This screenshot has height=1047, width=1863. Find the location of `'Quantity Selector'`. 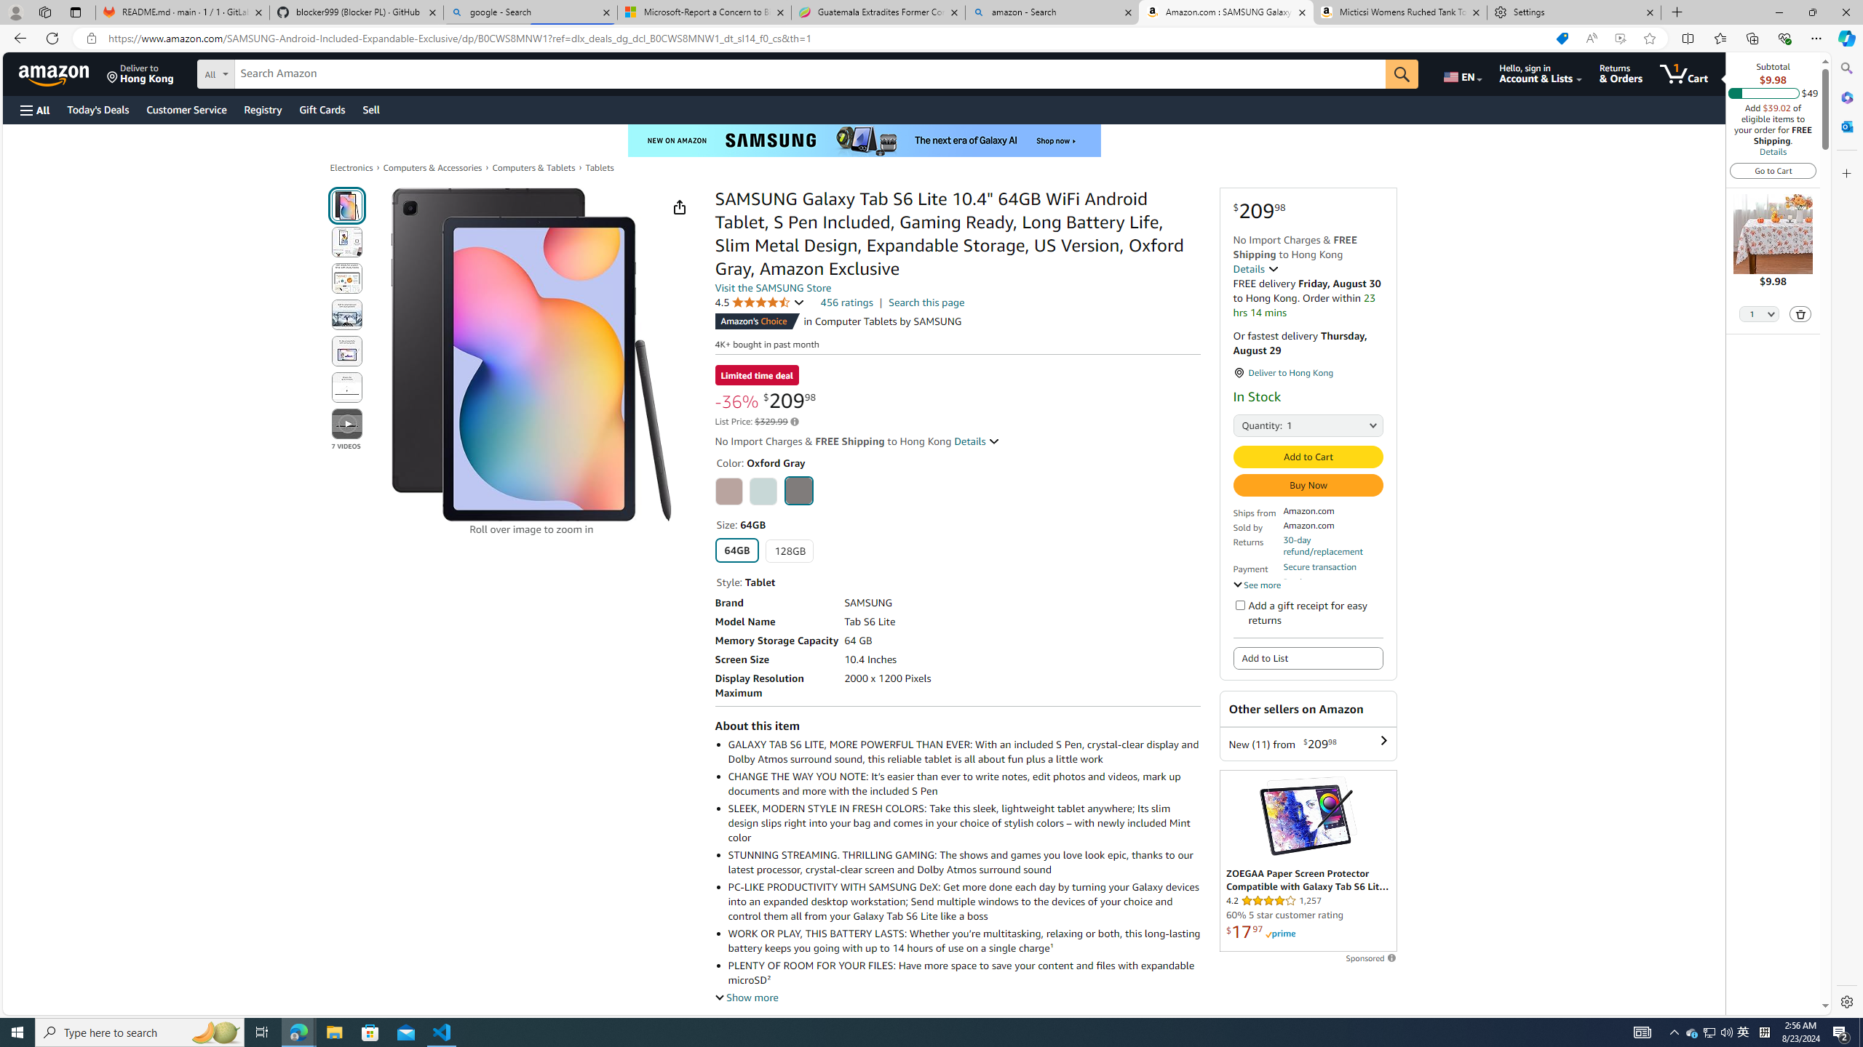

'Quantity Selector' is located at coordinates (1759, 315).